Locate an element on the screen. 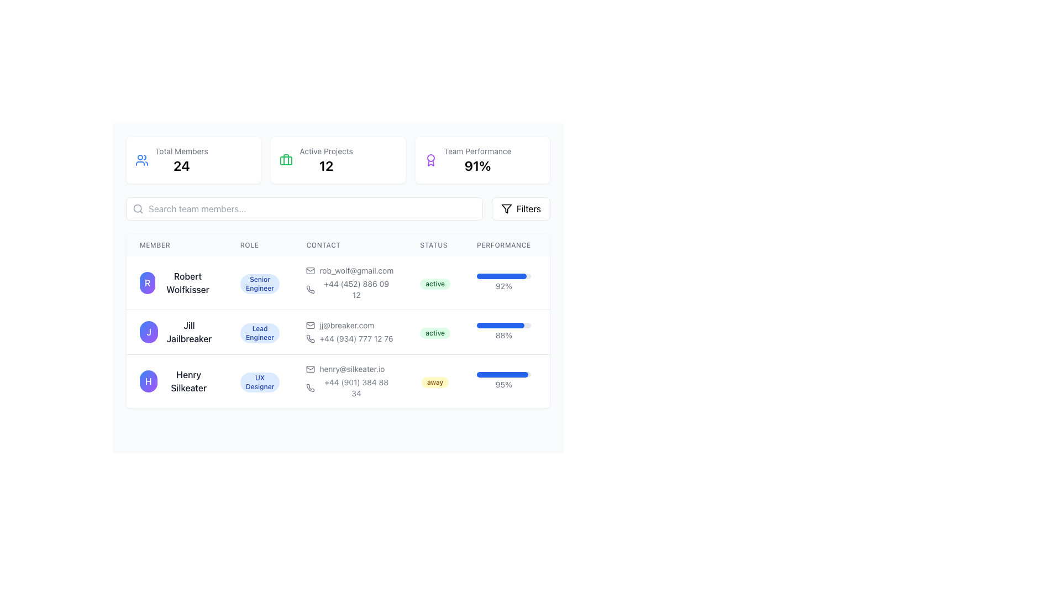 This screenshot has width=1061, height=597. the interactive sub-element within the second row of the team member details table, which is located beneath the row for 'Robert Wolfkisser' and above 'Henry Silkeater' is located at coordinates (364, 332).